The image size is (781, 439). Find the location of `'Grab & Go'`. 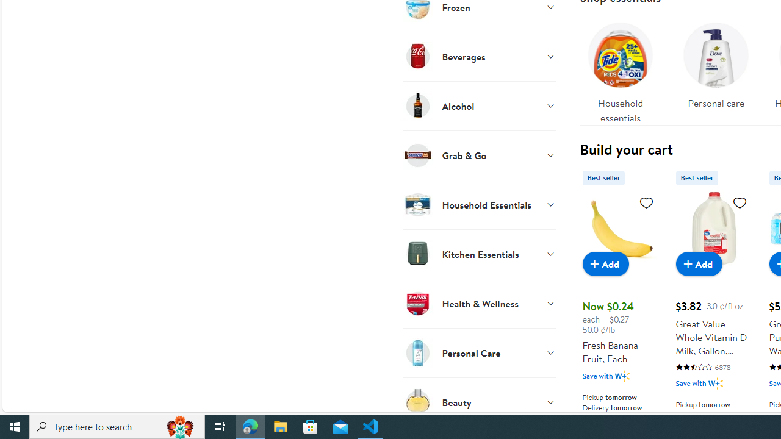

'Grab & Go' is located at coordinates (478, 154).